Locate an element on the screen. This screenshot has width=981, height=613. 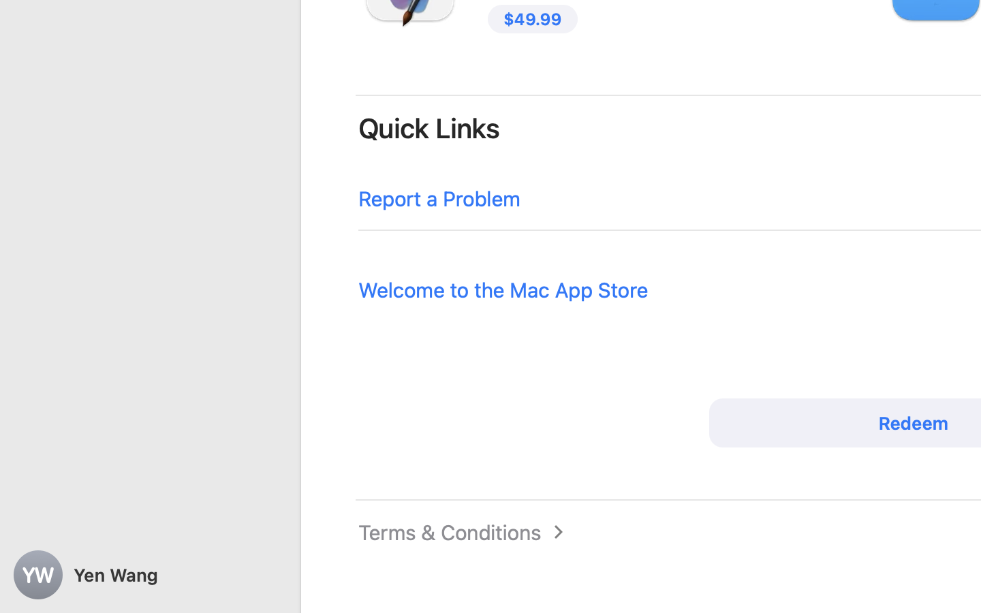
'Yen Wang' is located at coordinates (150, 575).